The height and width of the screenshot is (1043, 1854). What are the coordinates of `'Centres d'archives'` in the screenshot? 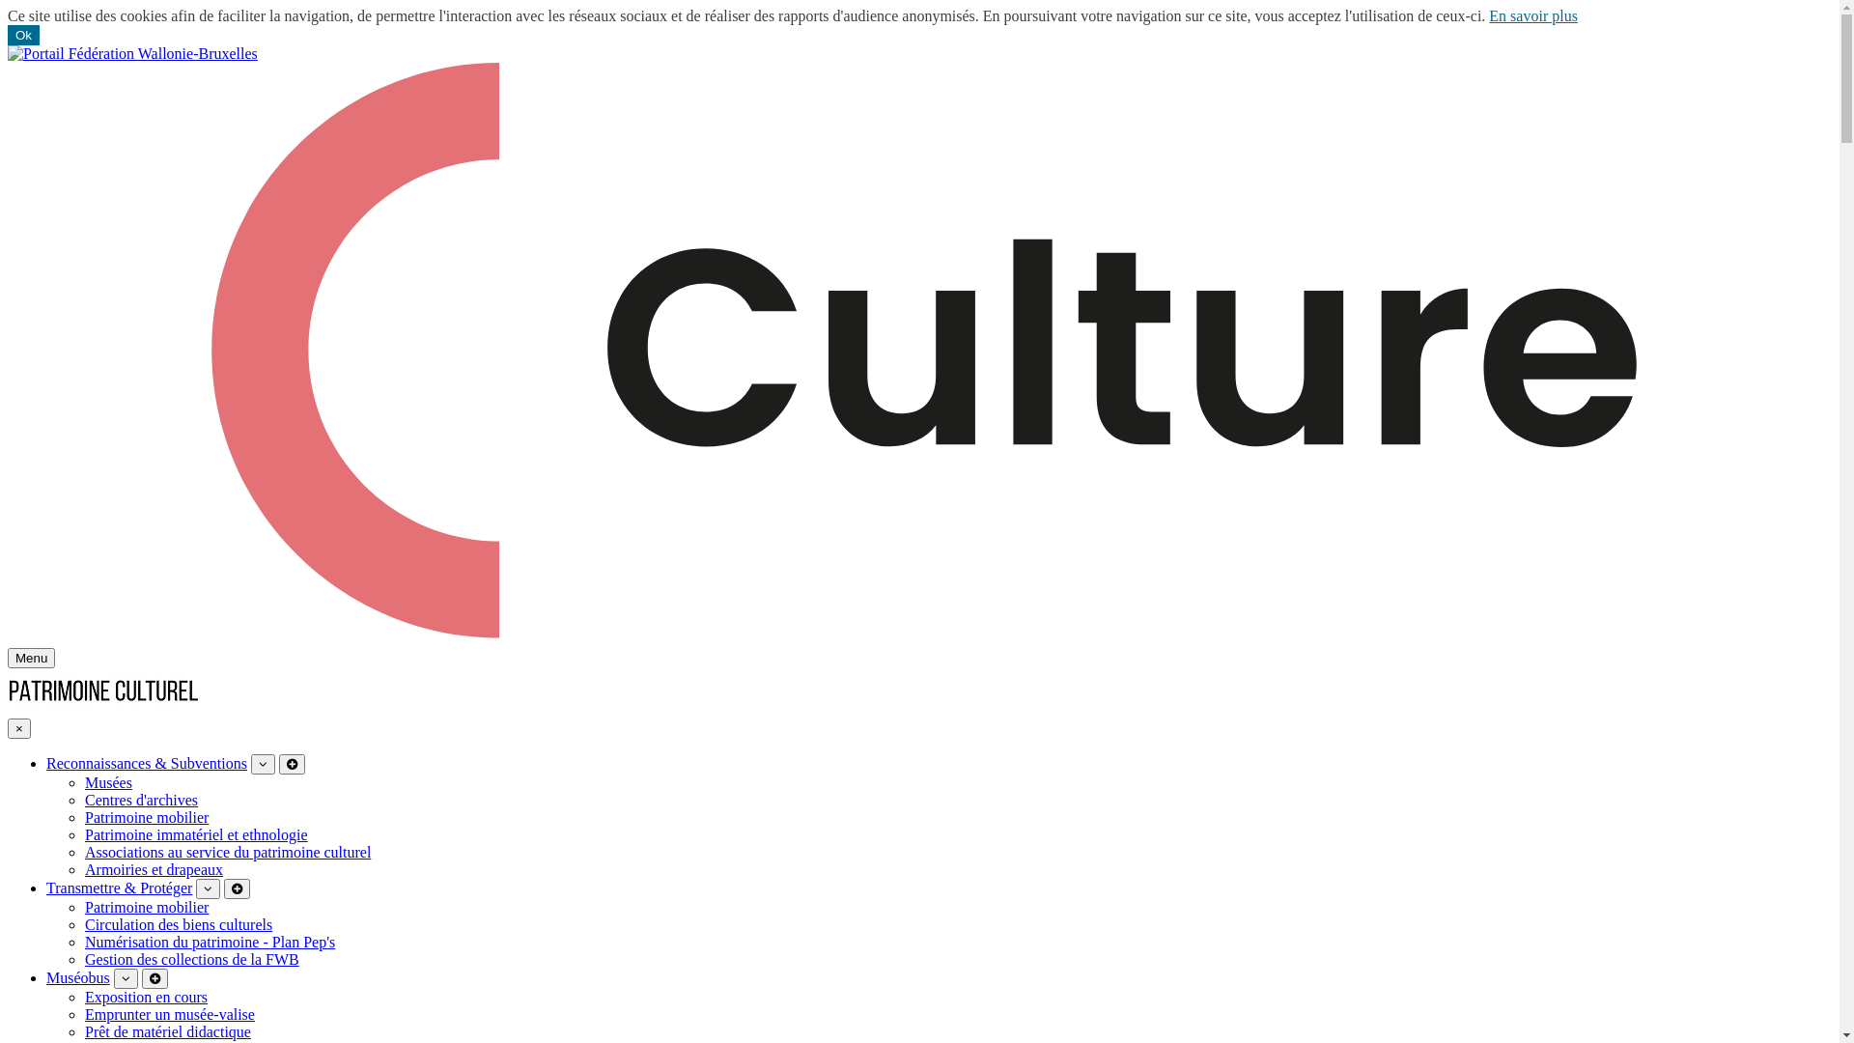 It's located at (83, 800).